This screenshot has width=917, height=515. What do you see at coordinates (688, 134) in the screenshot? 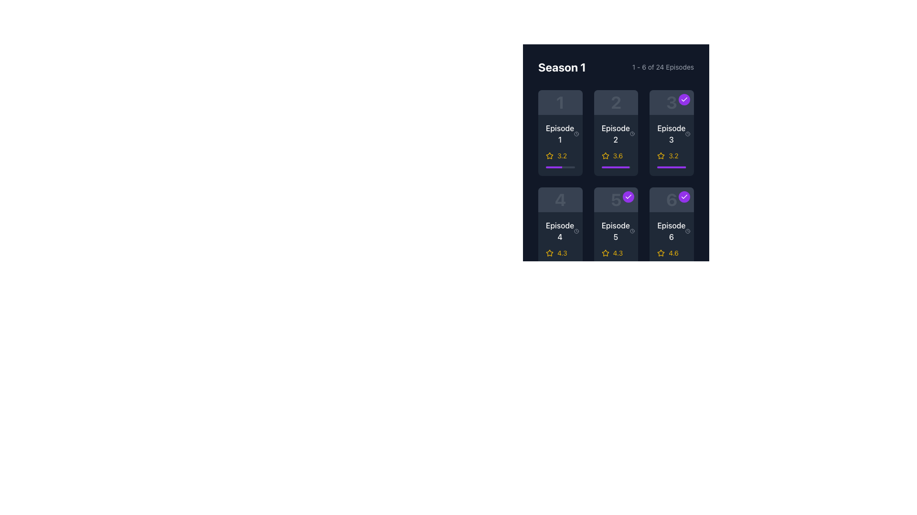
I see `Circle element located at the center of the SVG graphic in the top-right corner of the card labeled '3' for debugging purposes` at bounding box center [688, 134].